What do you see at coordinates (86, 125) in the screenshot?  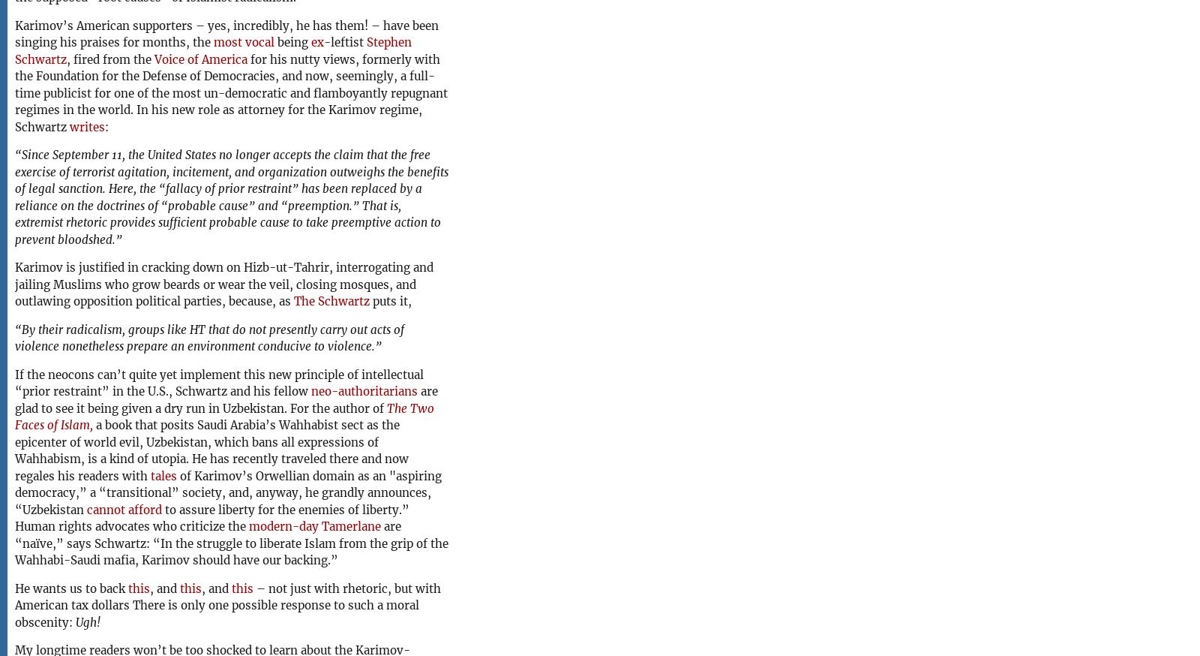 I see `'writes'` at bounding box center [86, 125].